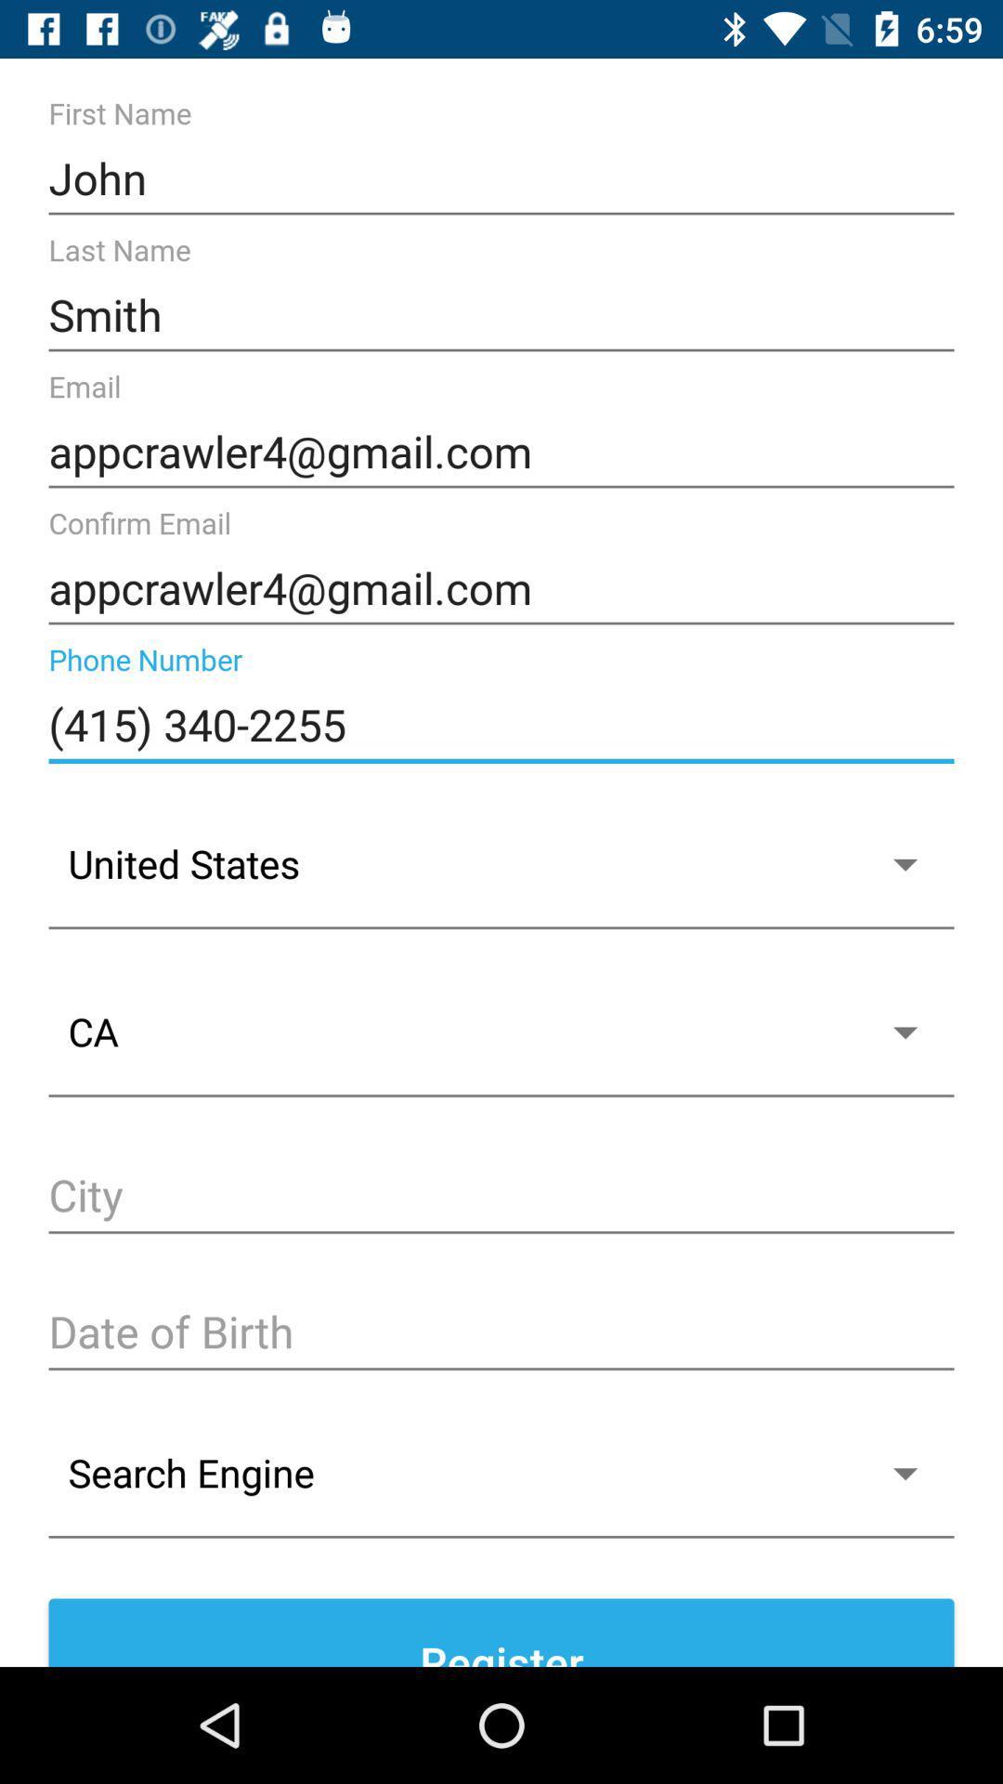 The image size is (1003, 1784). Describe the element at coordinates (501, 1333) in the screenshot. I see `fill in date of birth field` at that location.